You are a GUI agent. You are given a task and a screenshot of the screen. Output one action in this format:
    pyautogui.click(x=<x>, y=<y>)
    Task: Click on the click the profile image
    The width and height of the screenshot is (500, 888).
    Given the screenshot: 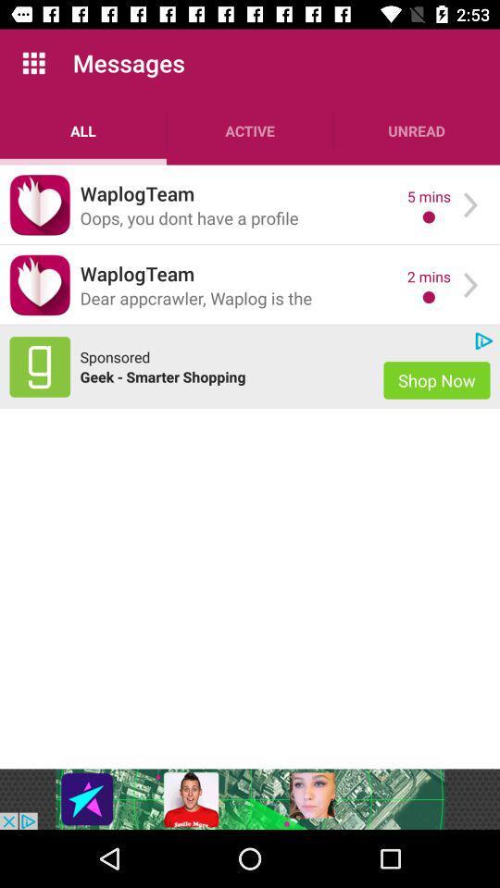 What is the action you would take?
    pyautogui.click(x=40, y=285)
    